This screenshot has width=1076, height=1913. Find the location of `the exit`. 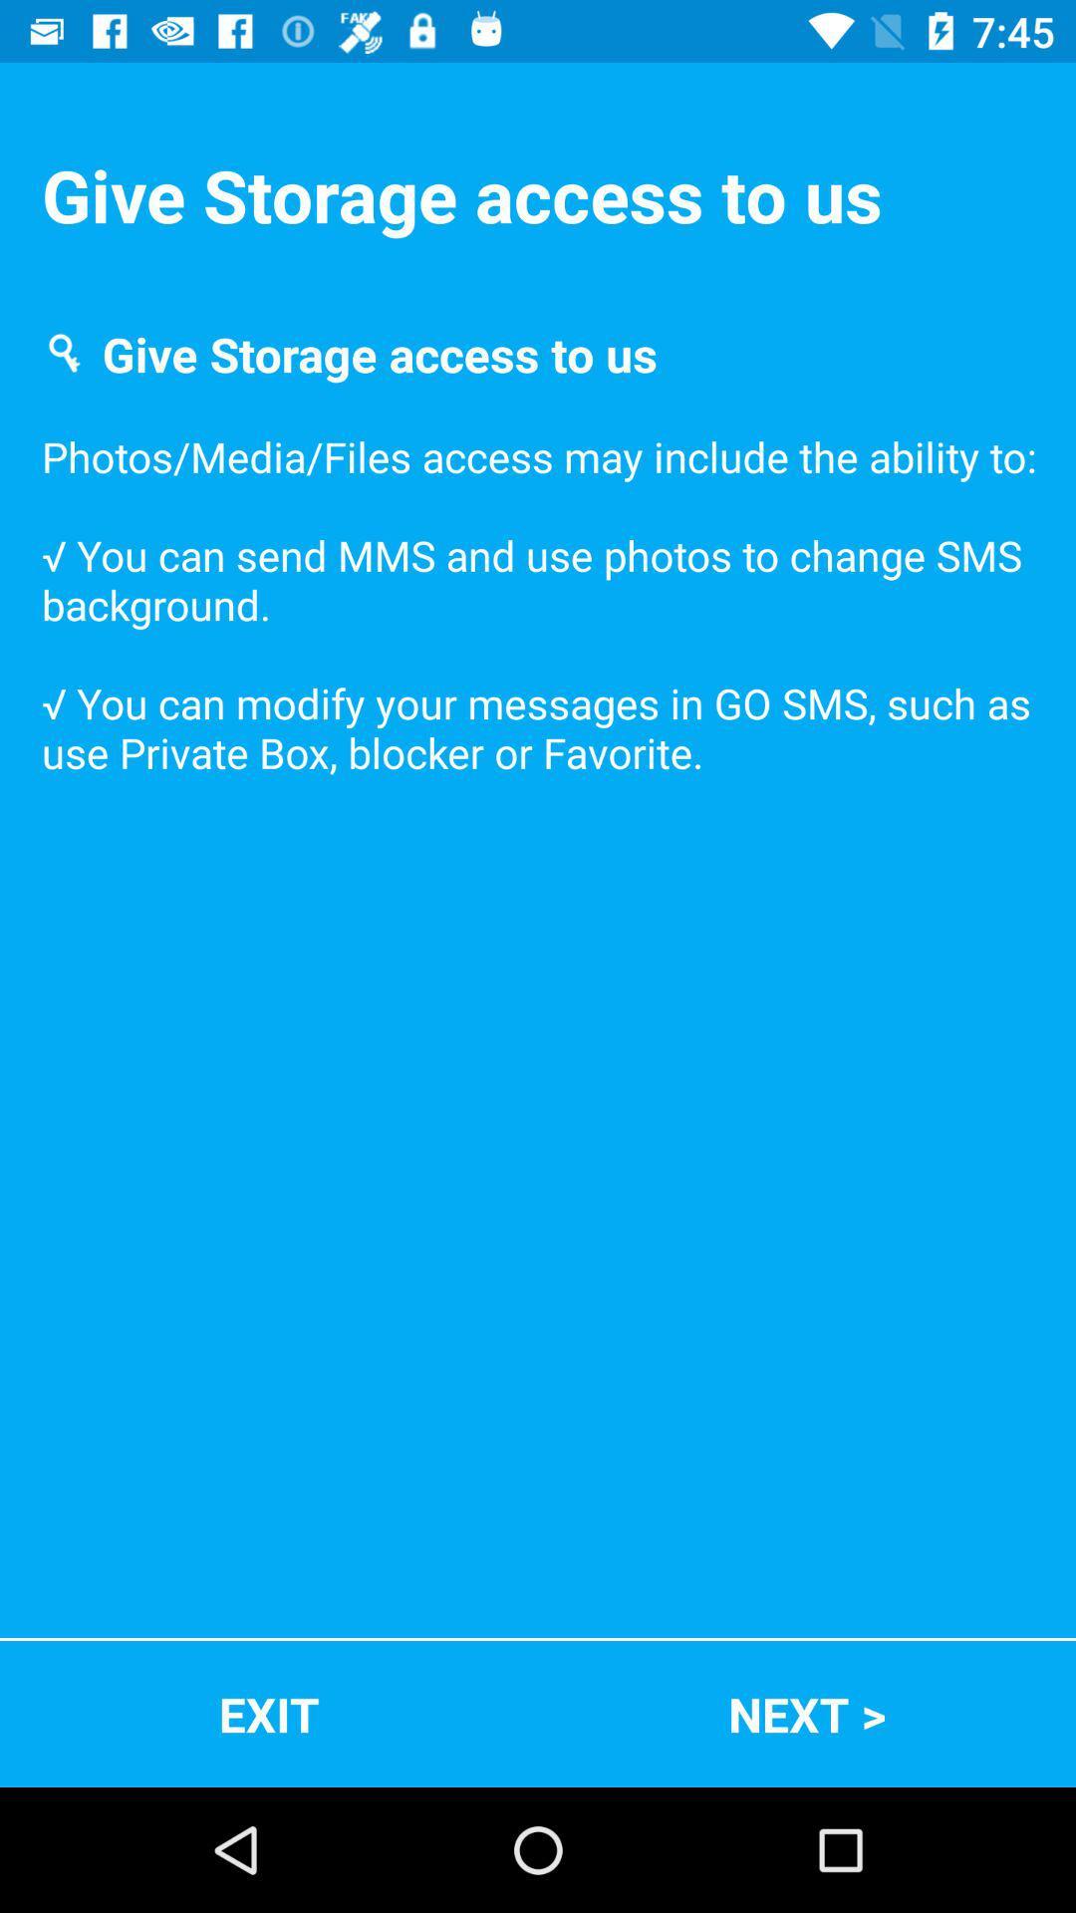

the exit is located at coordinates (269, 1713).